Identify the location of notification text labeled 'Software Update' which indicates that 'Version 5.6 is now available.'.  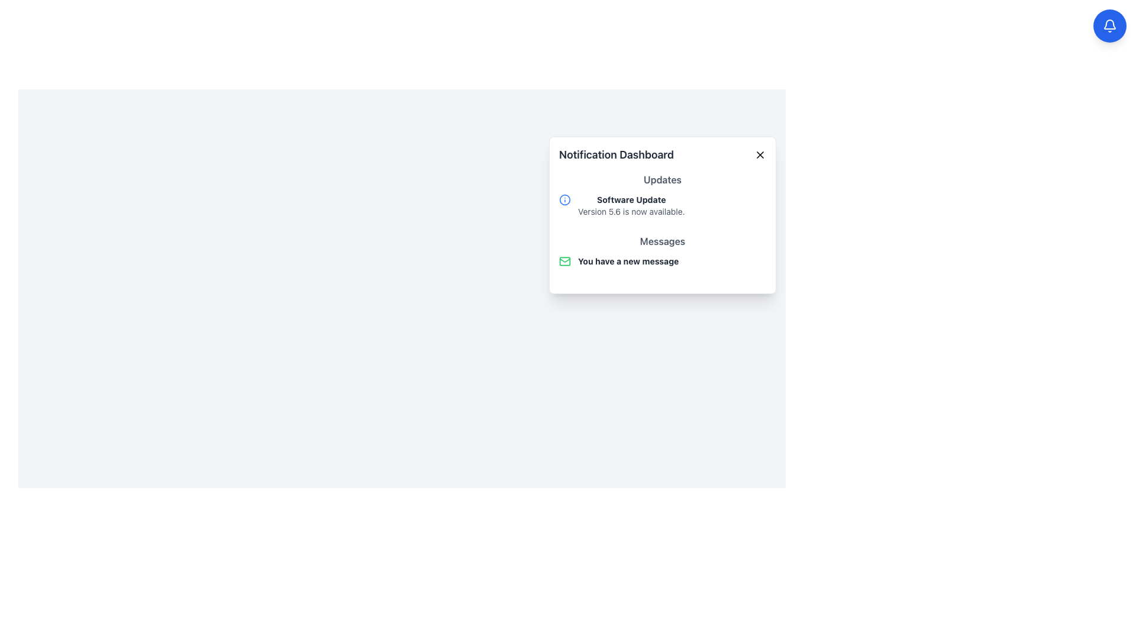
(631, 205).